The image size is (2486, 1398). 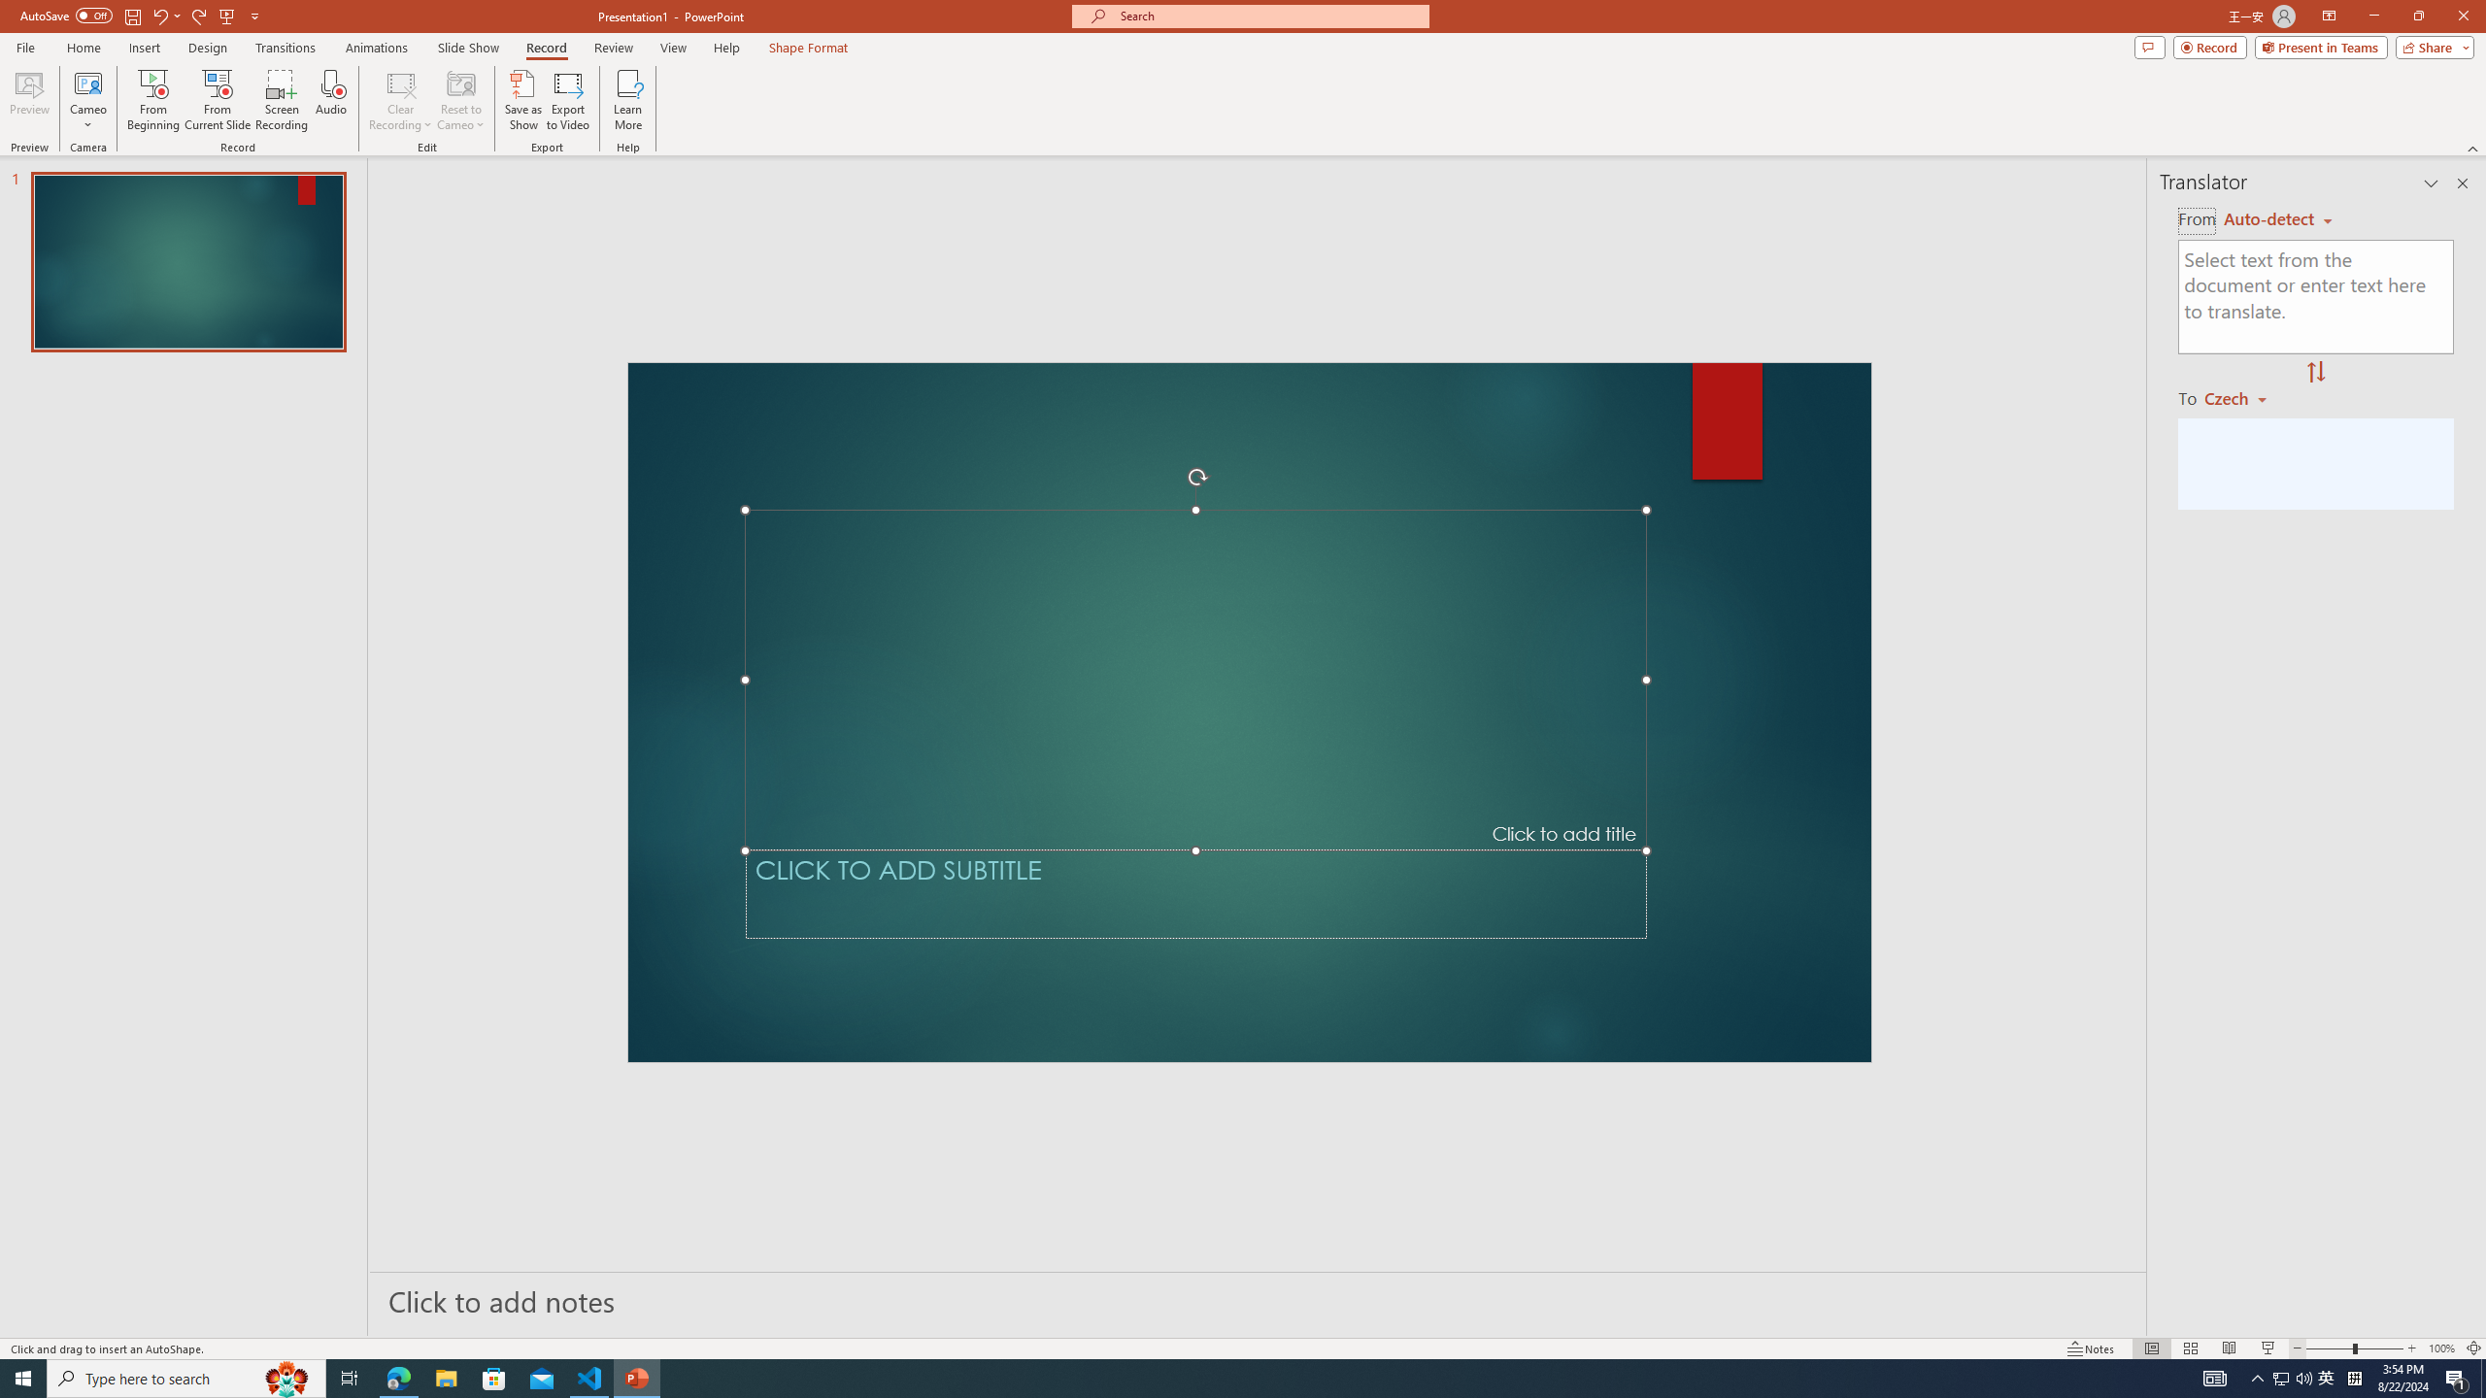 What do you see at coordinates (613, 48) in the screenshot?
I see `'Review'` at bounding box center [613, 48].